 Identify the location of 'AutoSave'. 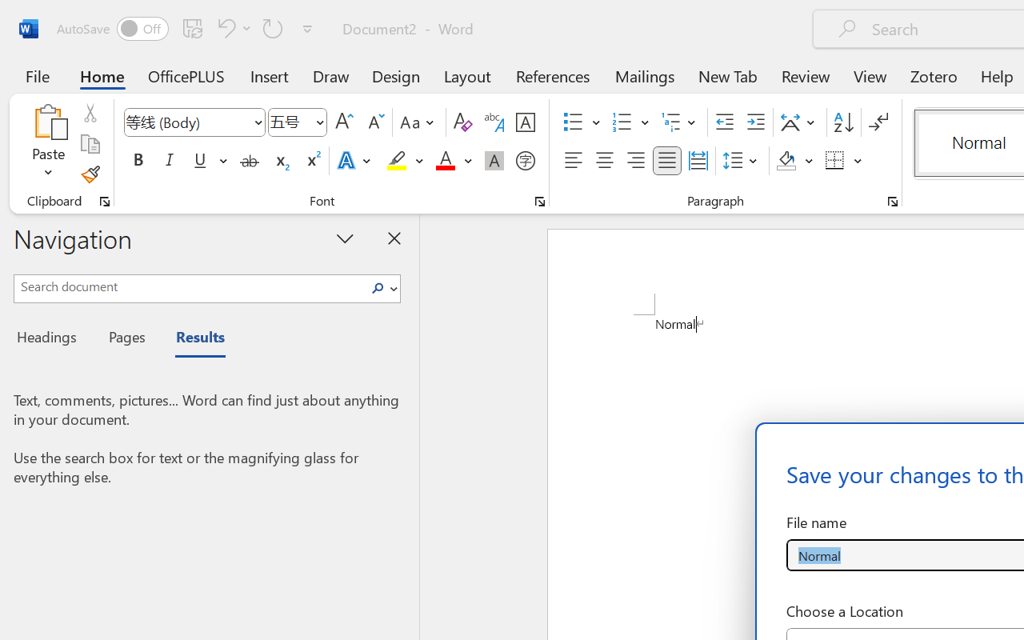
(111, 28).